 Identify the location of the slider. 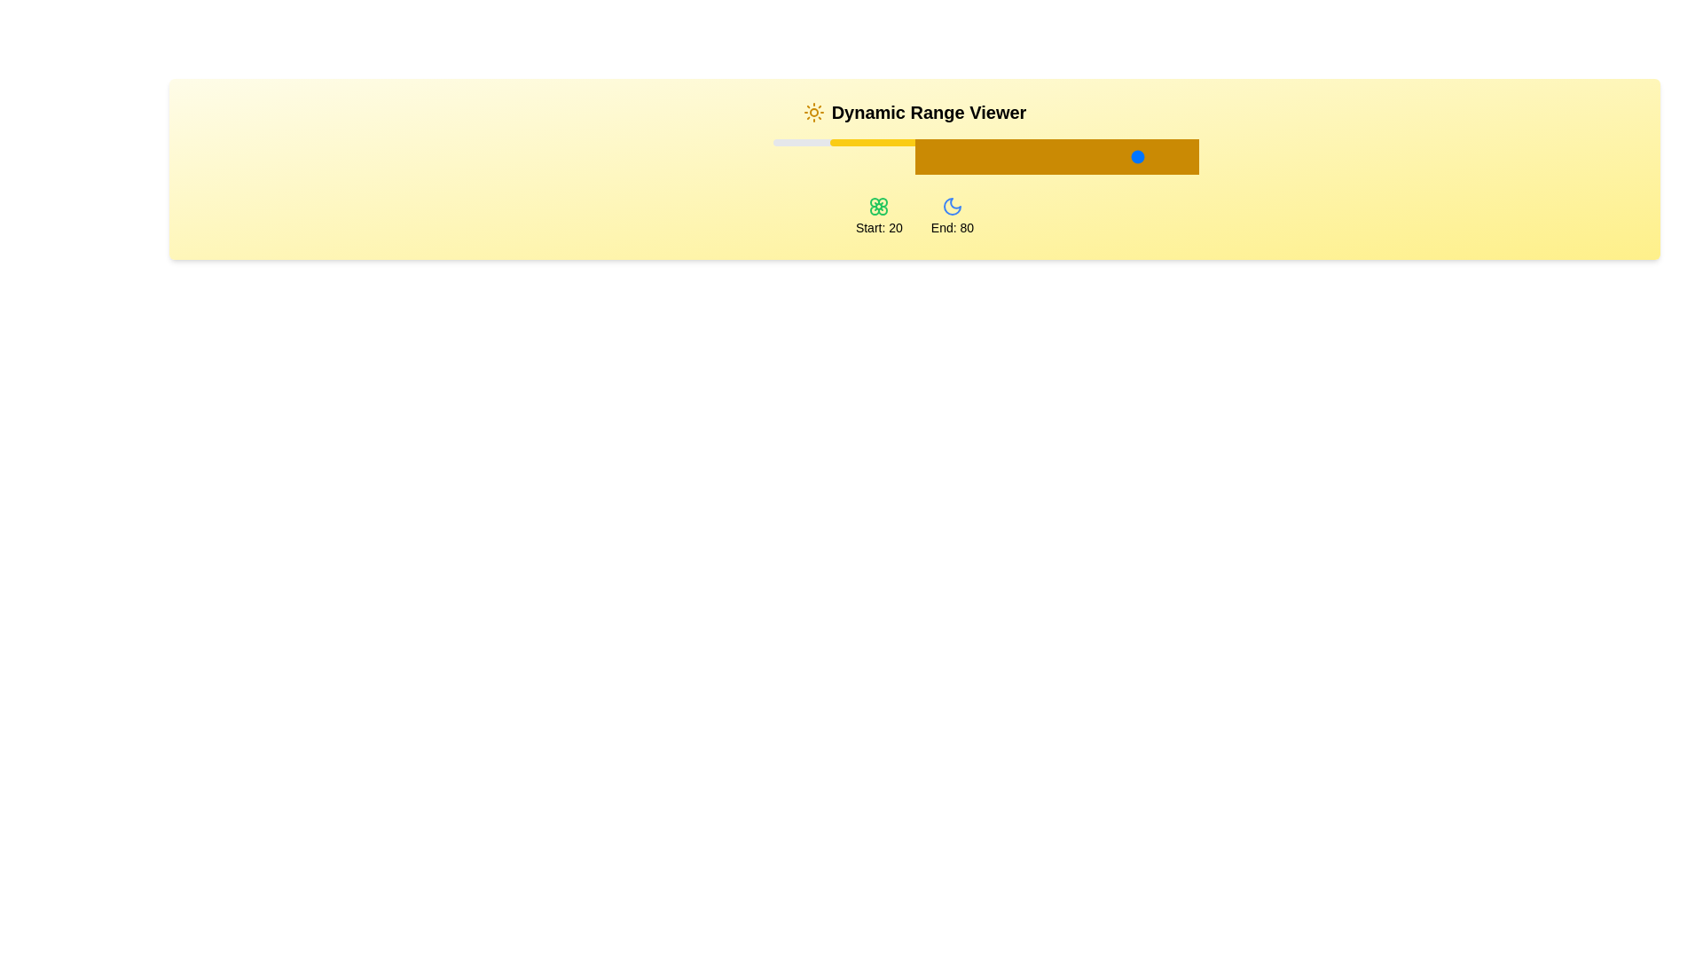
(855, 142).